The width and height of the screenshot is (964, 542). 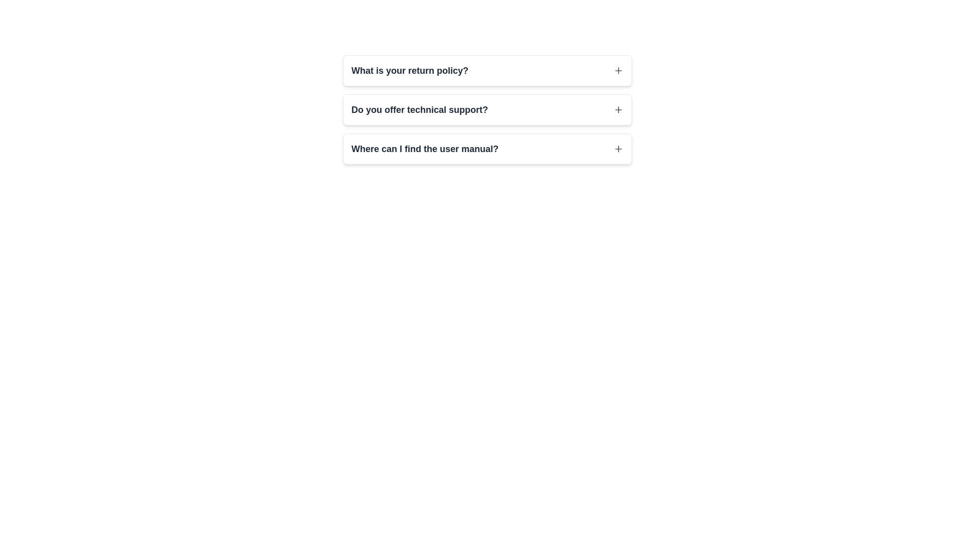 What do you see at coordinates (487, 110) in the screenshot?
I see `the second collapsible list item in the FAQ section` at bounding box center [487, 110].